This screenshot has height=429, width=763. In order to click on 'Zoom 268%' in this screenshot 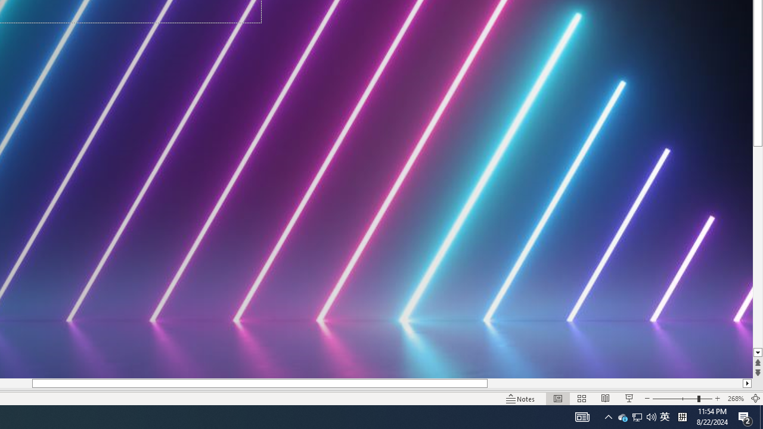, I will do `click(735, 399)`.